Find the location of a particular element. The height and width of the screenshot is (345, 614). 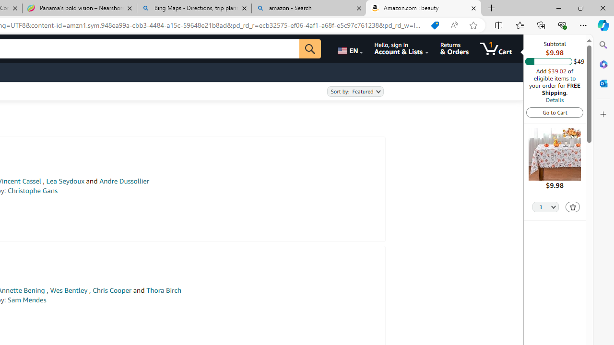

'Delete' is located at coordinates (573, 206).